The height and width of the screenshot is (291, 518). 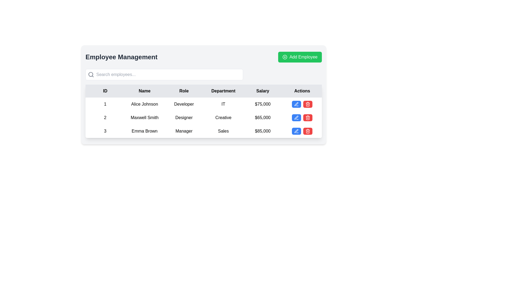 What do you see at coordinates (91, 74) in the screenshot?
I see `the central graphical circle element of the search icon located to the left of the 'Search employees...' input box in the Employee Management section` at bounding box center [91, 74].